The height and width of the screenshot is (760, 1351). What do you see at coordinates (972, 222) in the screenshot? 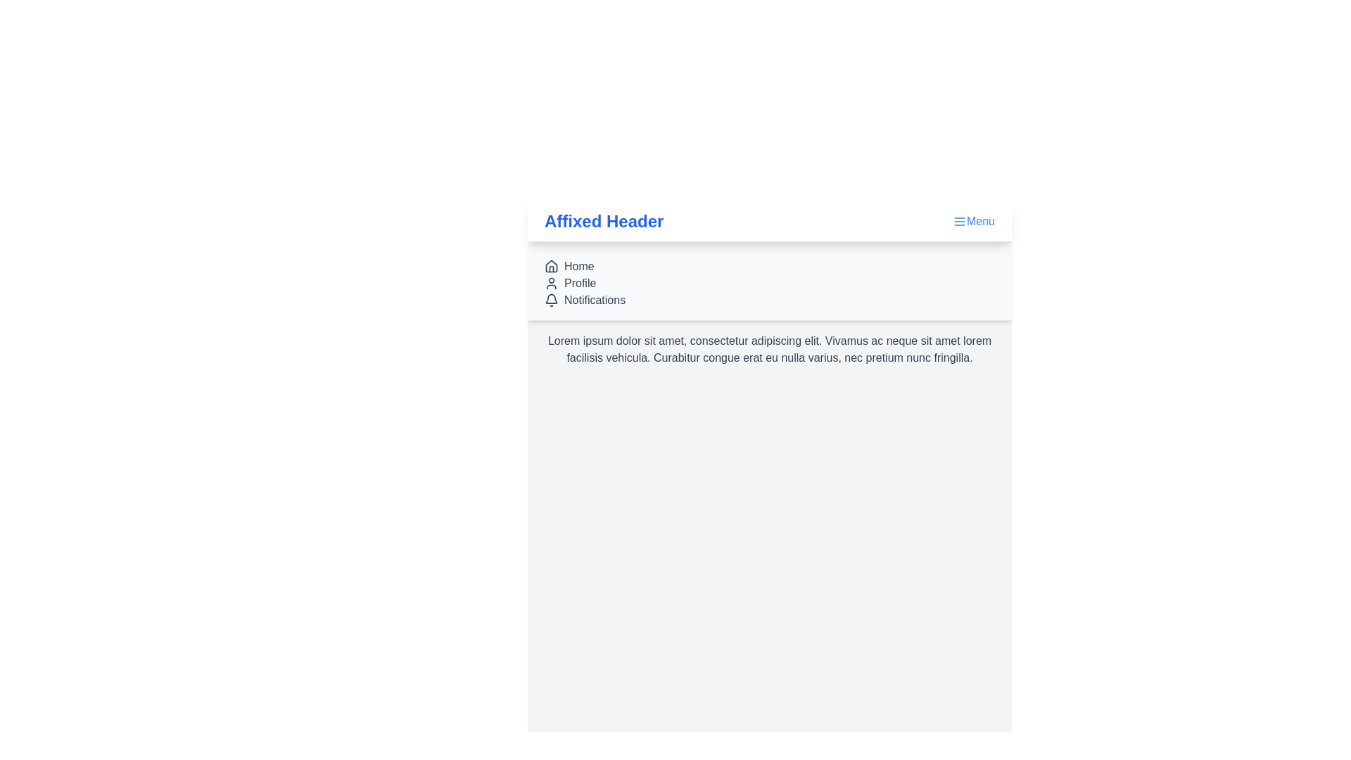
I see `the button located at the top-right corner of the header bar, adjacent to the title 'Affixed Header'` at bounding box center [972, 222].